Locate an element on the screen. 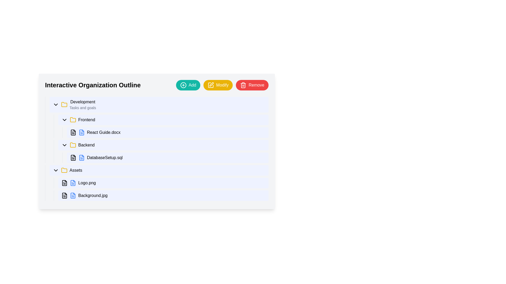  the first collapsible menu item labeled 'Frontend' under the 'Development' section is located at coordinates (163, 120).